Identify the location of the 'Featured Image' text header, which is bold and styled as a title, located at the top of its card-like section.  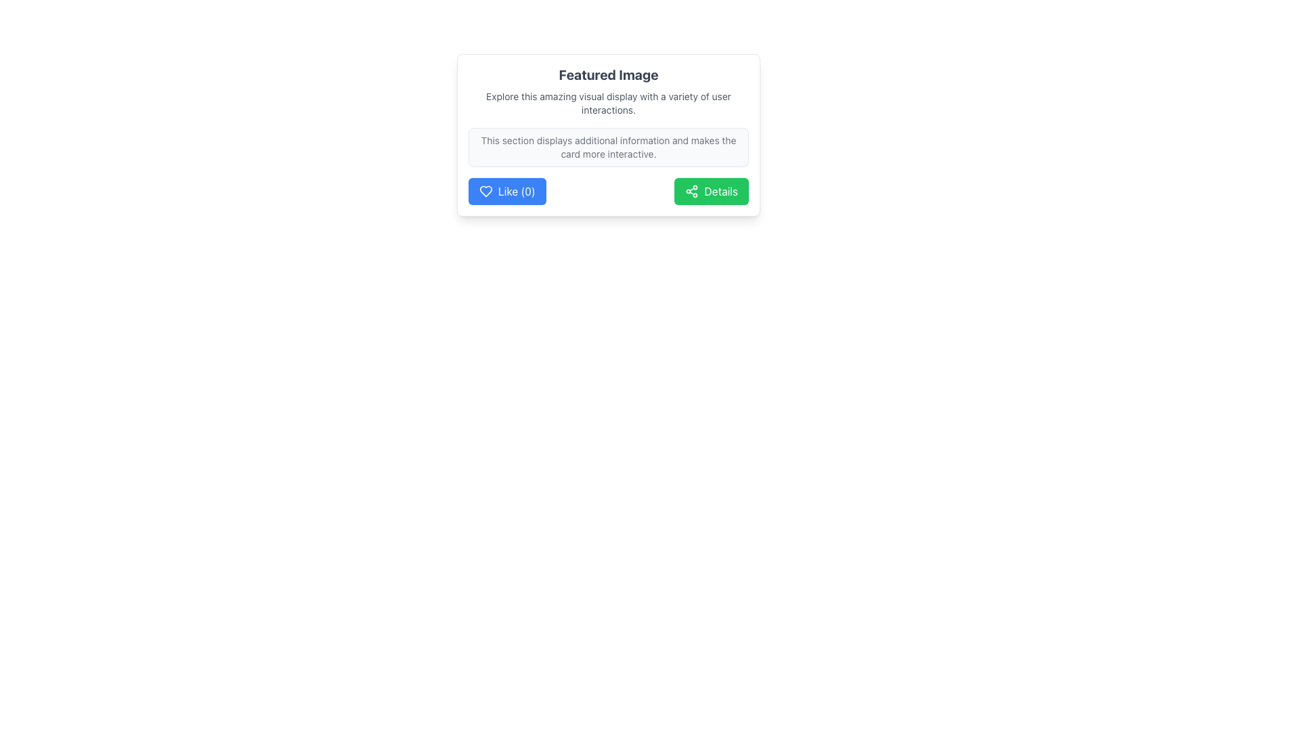
(607, 75).